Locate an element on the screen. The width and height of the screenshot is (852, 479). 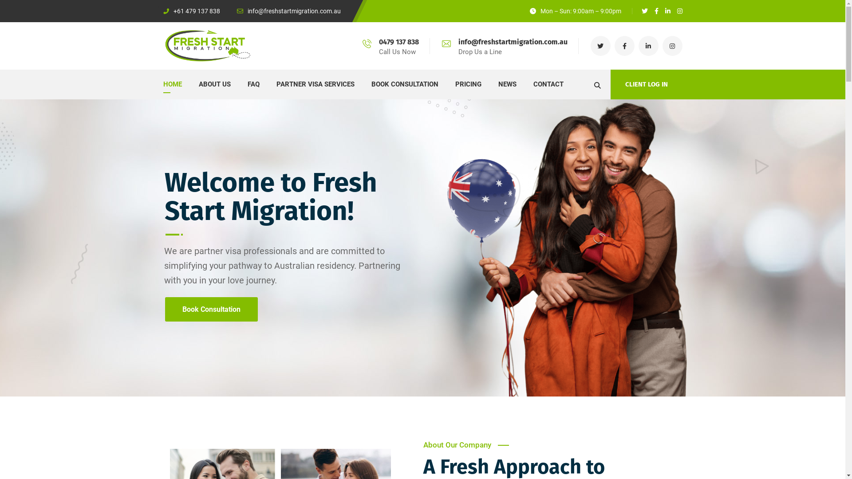
'Book Consultation' is located at coordinates (211, 309).